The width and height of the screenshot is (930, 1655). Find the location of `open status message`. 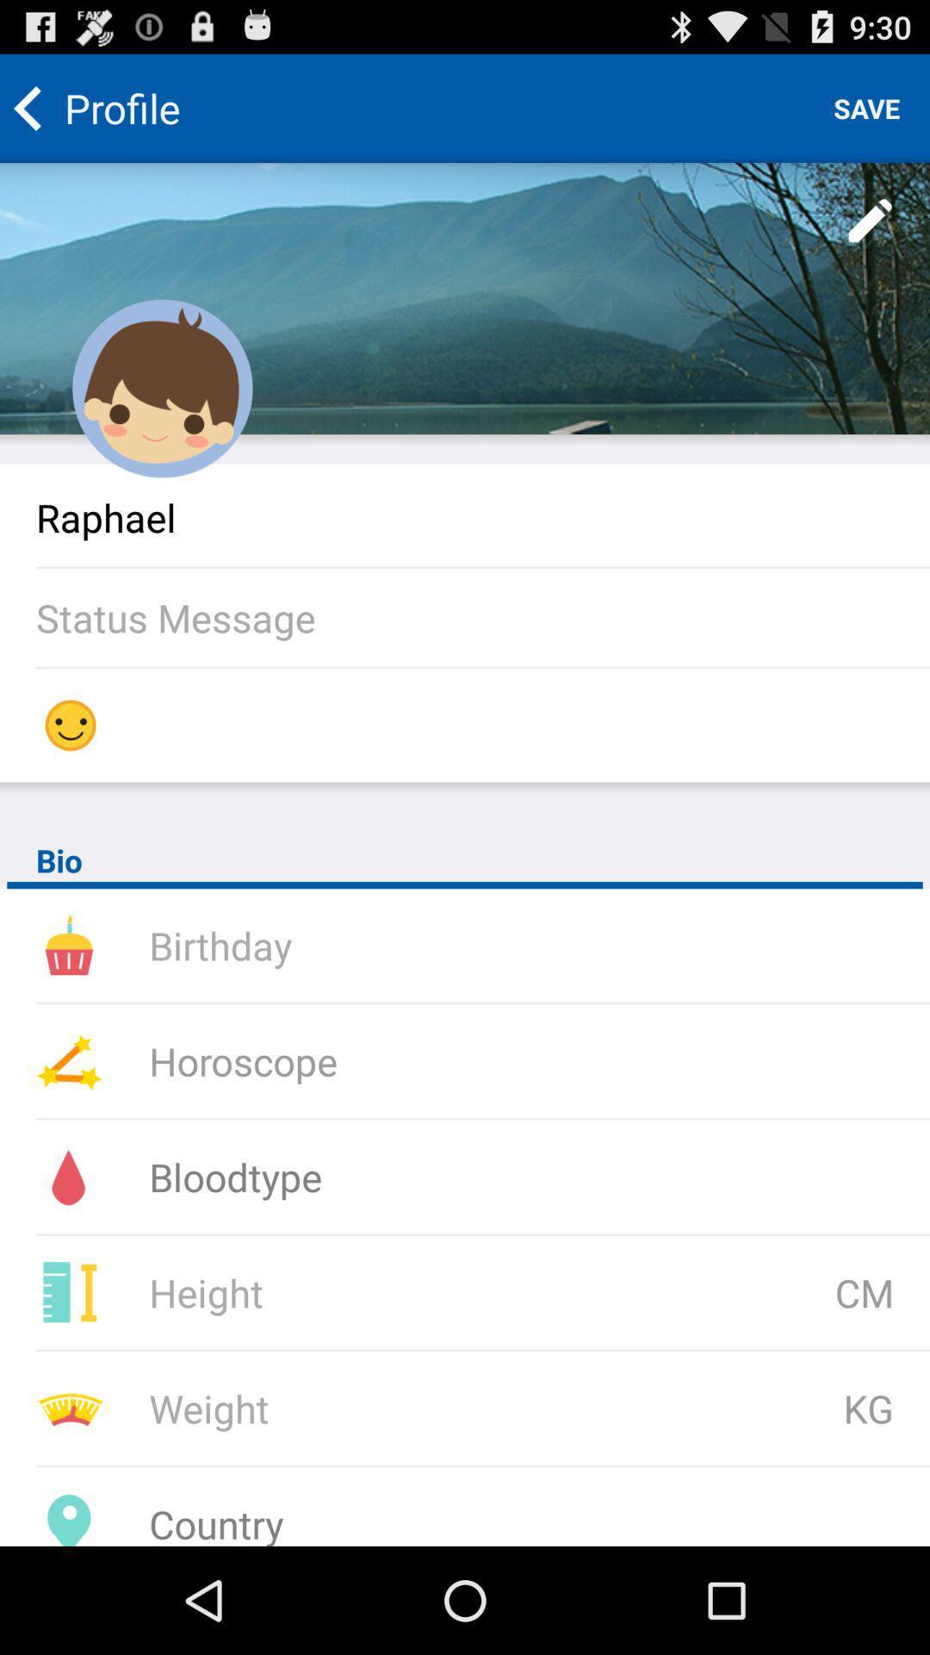

open status message is located at coordinates (482, 617).